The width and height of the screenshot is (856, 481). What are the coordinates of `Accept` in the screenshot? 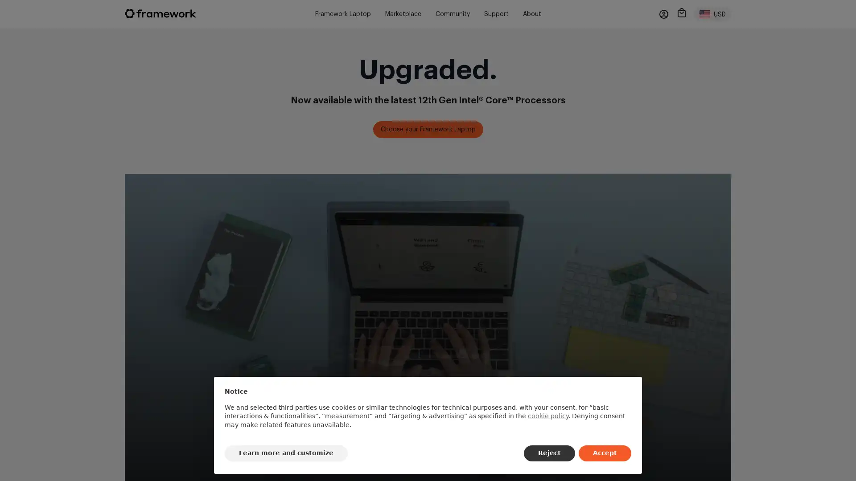 It's located at (605, 453).